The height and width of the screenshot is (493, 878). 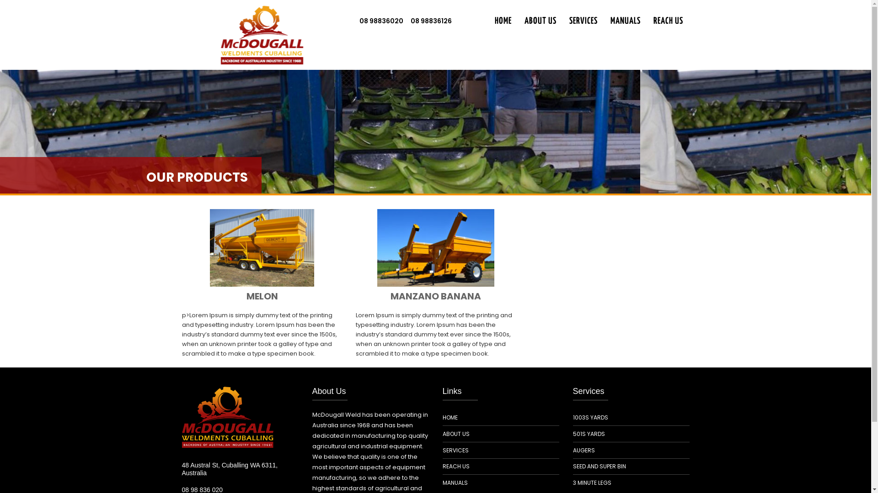 What do you see at coordinates (583, 21) in the screenshot?
I see `'SERVICES'` at bounding box center [583, 21].